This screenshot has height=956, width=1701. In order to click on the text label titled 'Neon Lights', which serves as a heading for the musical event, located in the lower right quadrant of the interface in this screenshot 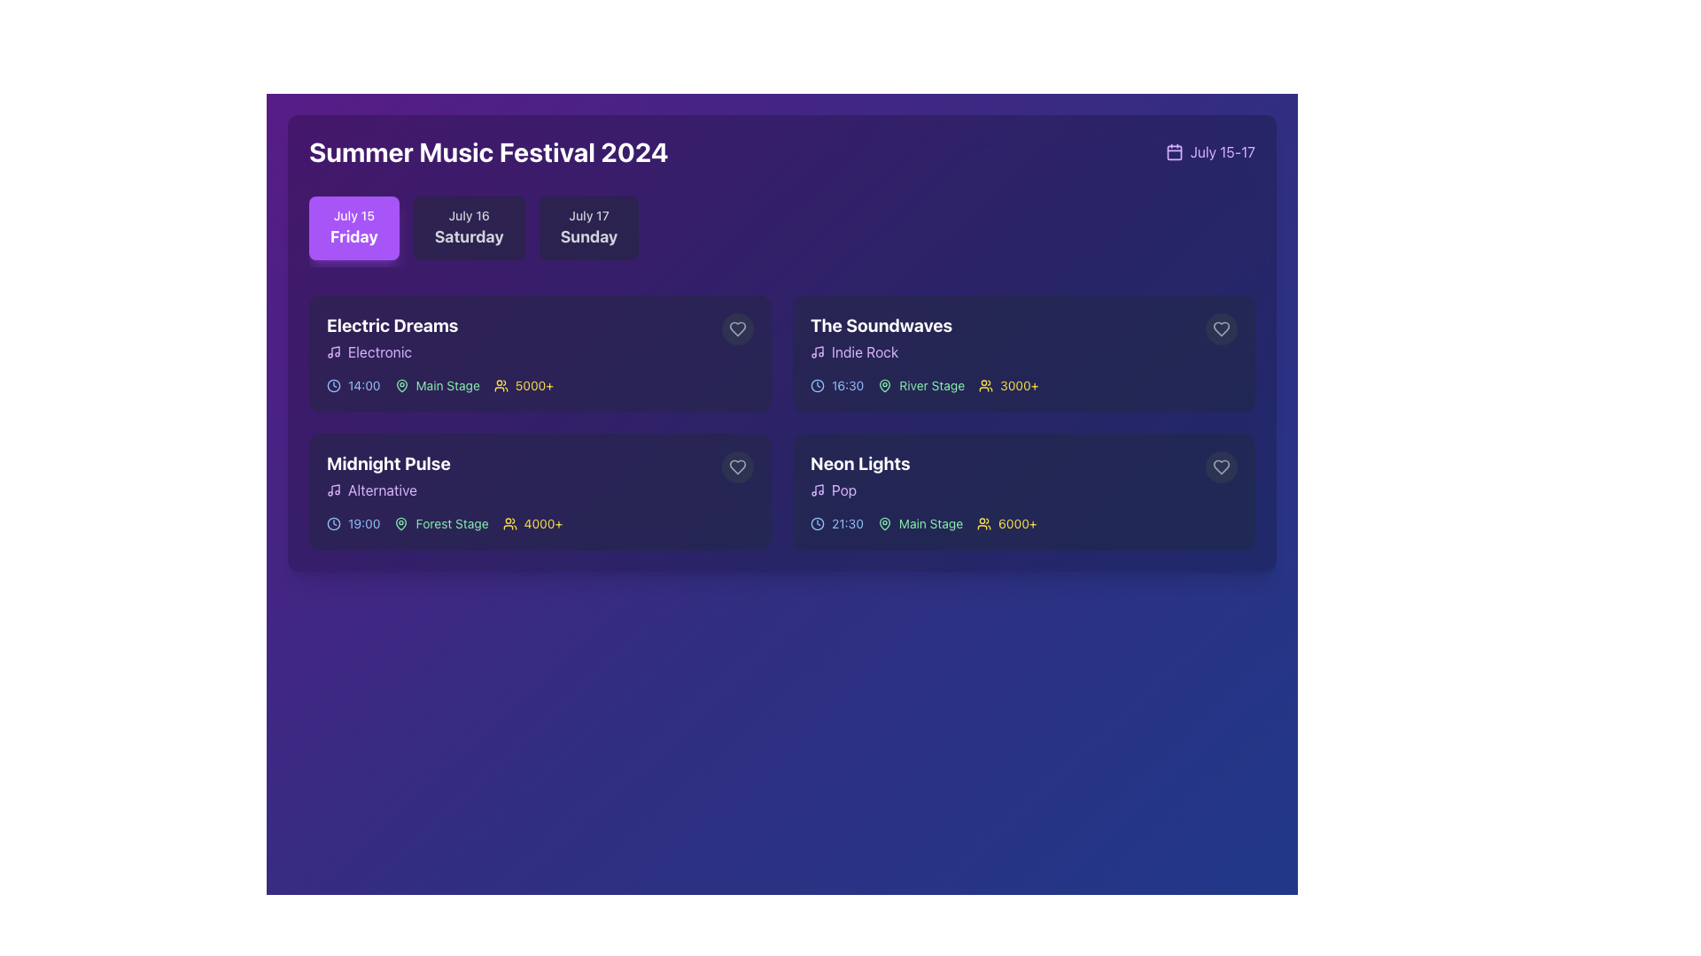, I will do `click(860, 463)`.